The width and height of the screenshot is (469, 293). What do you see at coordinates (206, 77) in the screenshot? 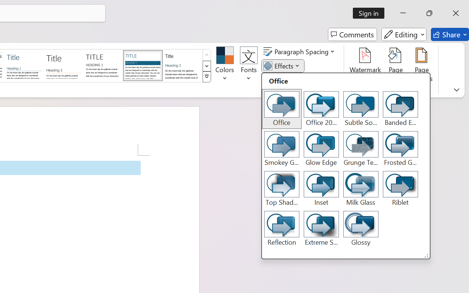
I see `'Style Set'` at bounding box center [206, 77].